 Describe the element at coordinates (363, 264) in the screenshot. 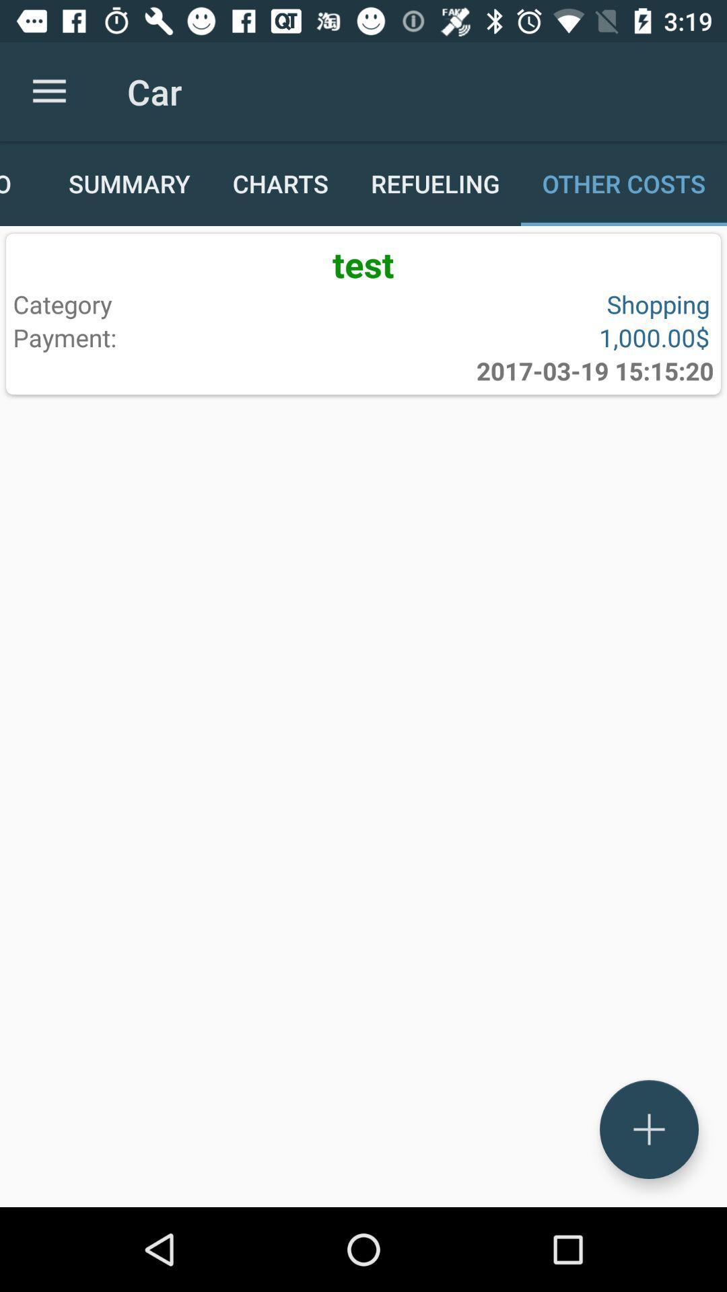

I see `the item below info` at that location.